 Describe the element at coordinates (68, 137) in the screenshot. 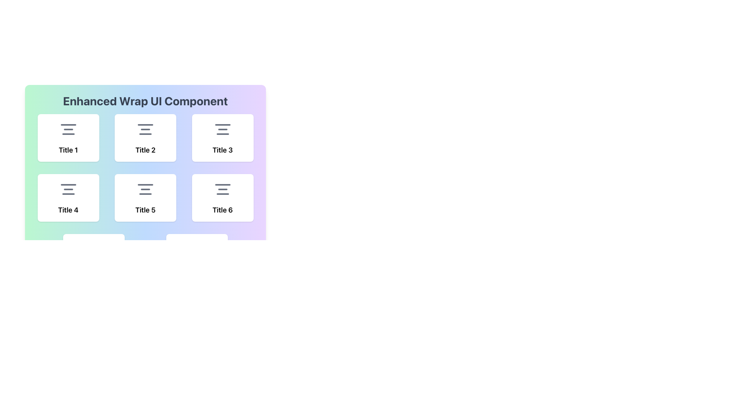

I see `the first card element in the grid layout, which has a white background, rounded corners, and contains the bold text 'Title 1' at the bottom` at that location.